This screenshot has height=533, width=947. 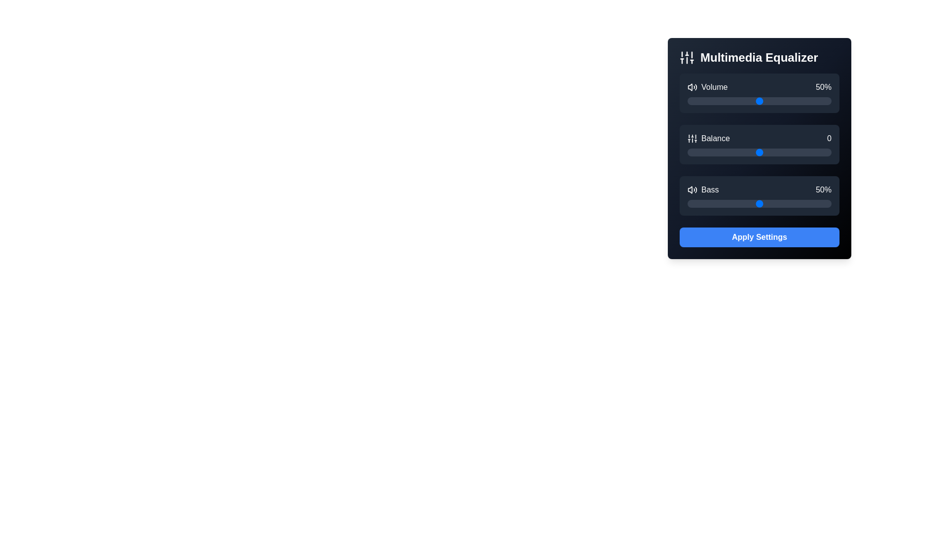 What do you see at coordinates (810, 152) in the screenshot?
I see `the balance` at bounding box center [810, 152].